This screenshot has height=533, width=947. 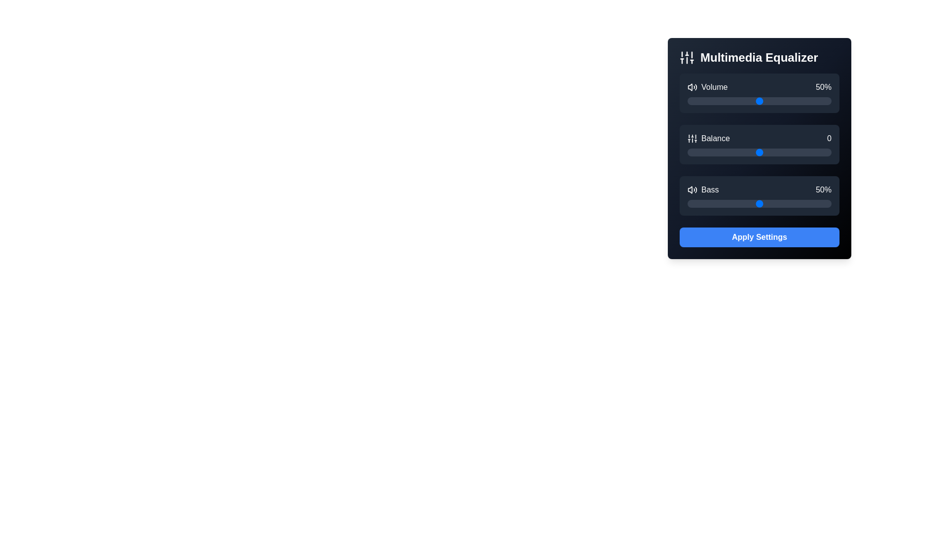 What do you see at coordinates (810, 152) in the screenshot?
I see `the balance` at bounding box center [810, 152].